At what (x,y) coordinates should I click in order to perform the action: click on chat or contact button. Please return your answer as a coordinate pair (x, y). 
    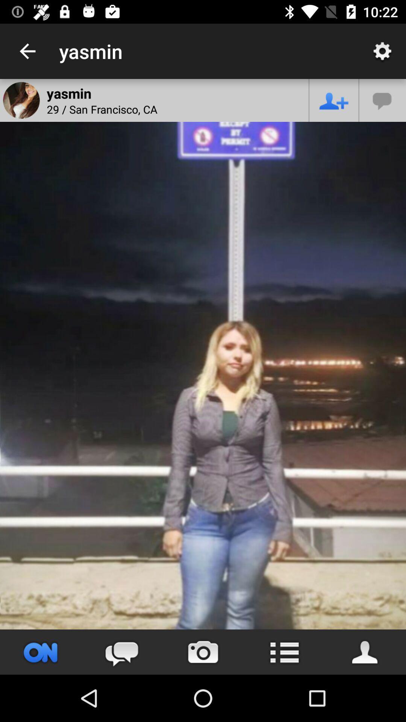
    Looking at the image, I should click on (383, 100).